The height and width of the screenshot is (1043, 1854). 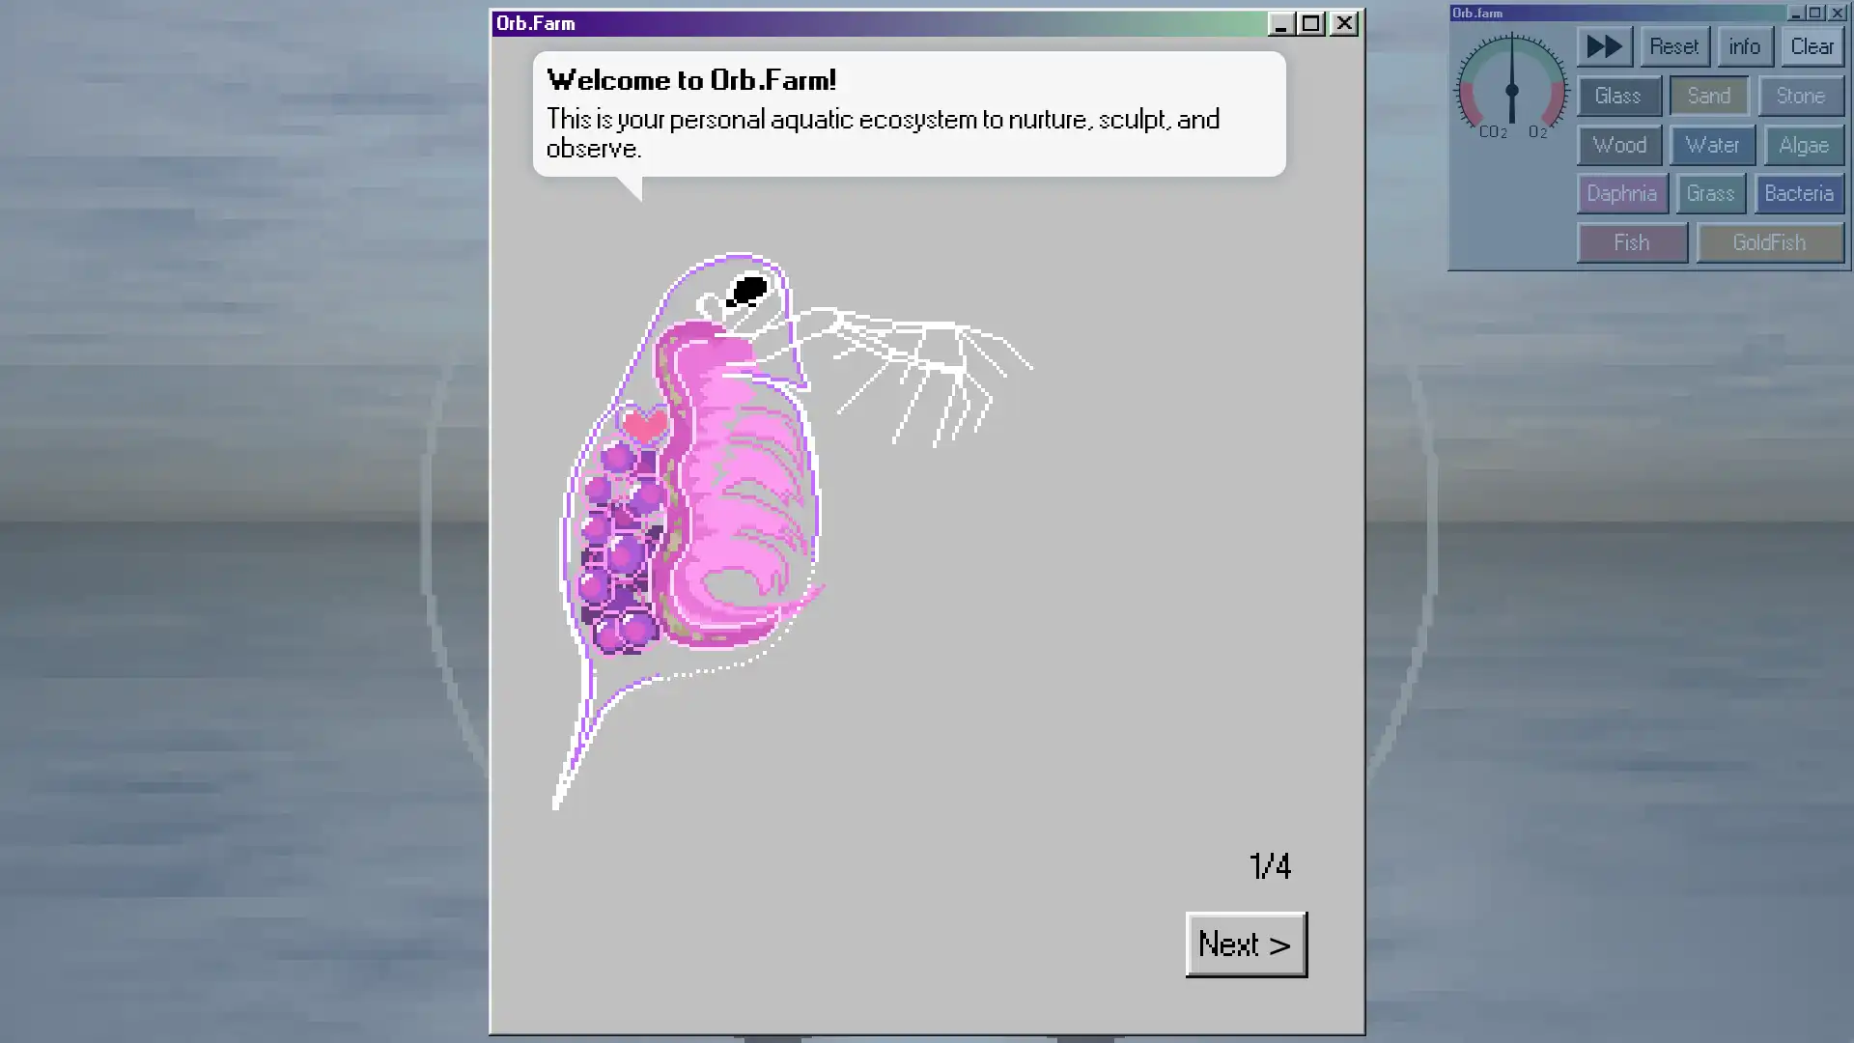 What do you see at coordinates (892, 24) in the screenshot?
I see `Reset` at bounding box center [892, 24].